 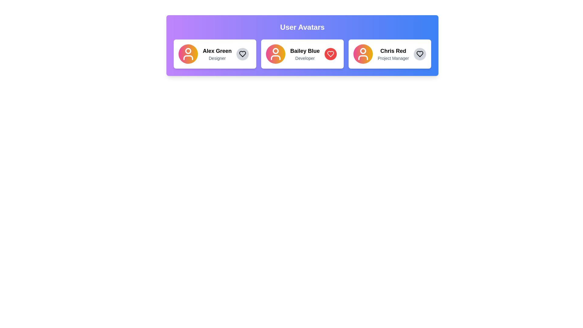 I want to click on the heart icon within the circular button on the 'Bailey Blue' user card to mark it as a favorite, so click(x=330, y=53).